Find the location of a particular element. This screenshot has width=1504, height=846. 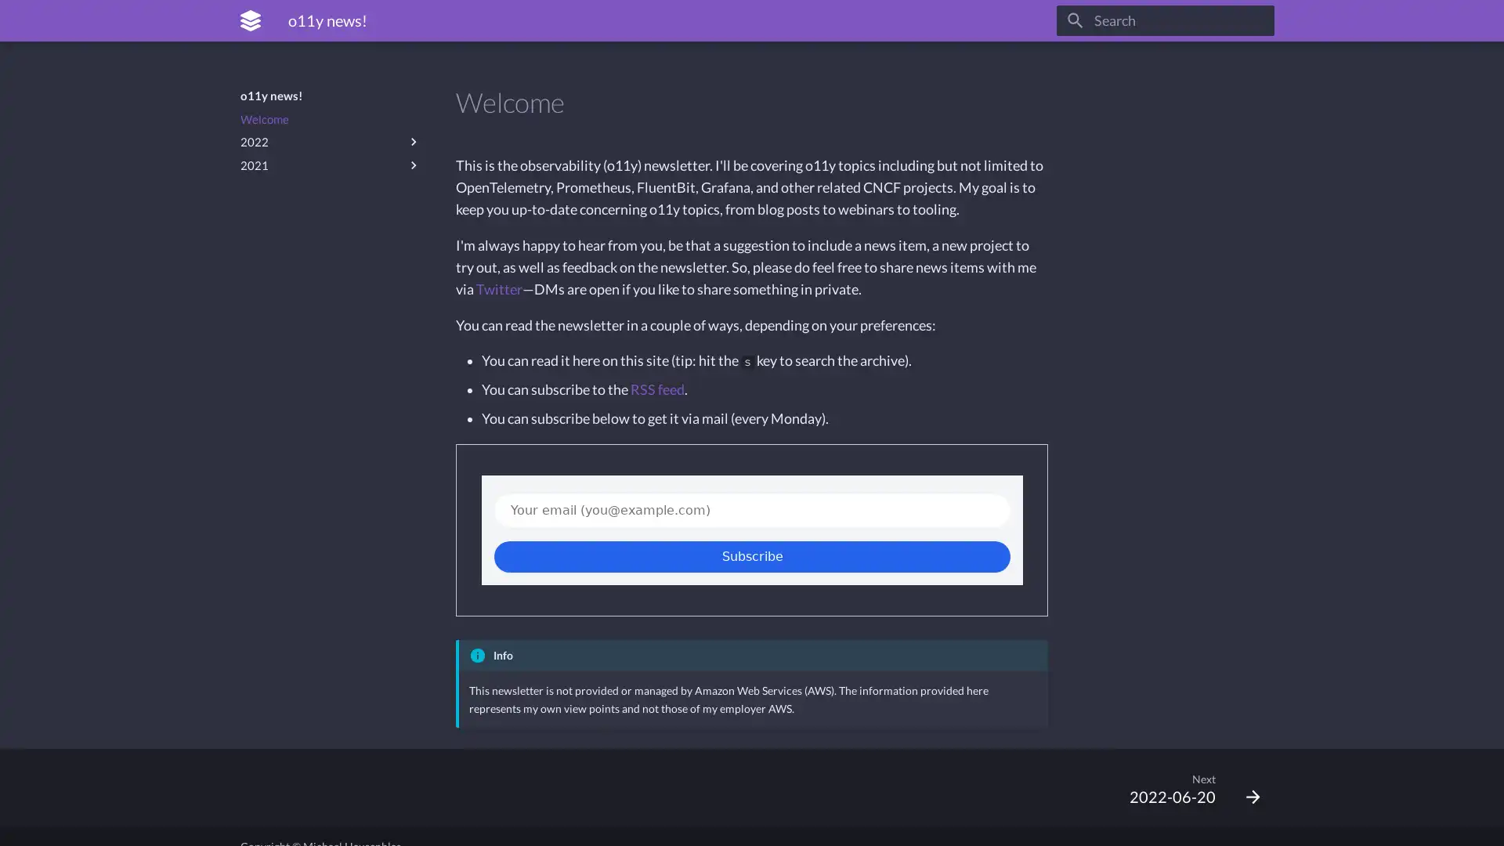

Clear is located at coordinates (1255, 20).